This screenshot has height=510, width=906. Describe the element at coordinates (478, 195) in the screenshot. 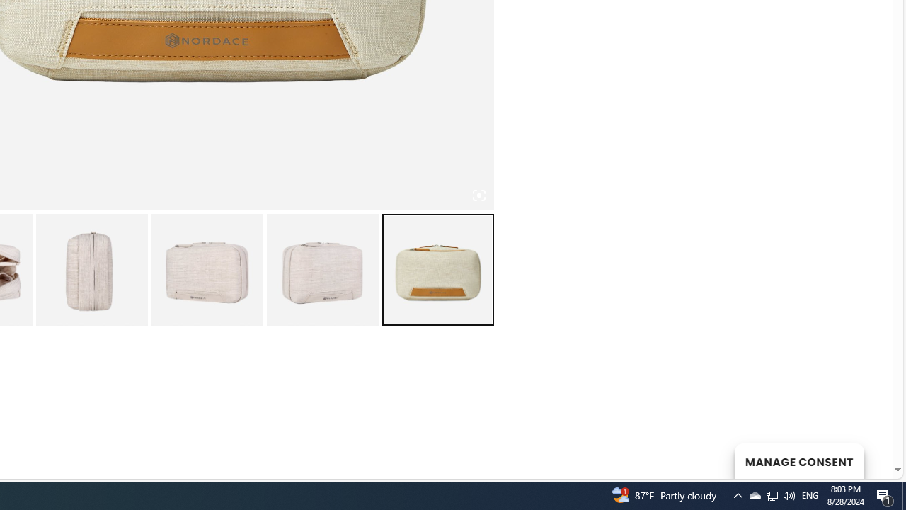

I see `'Class: iconic-woothumbs-fullscreen'` at that location.